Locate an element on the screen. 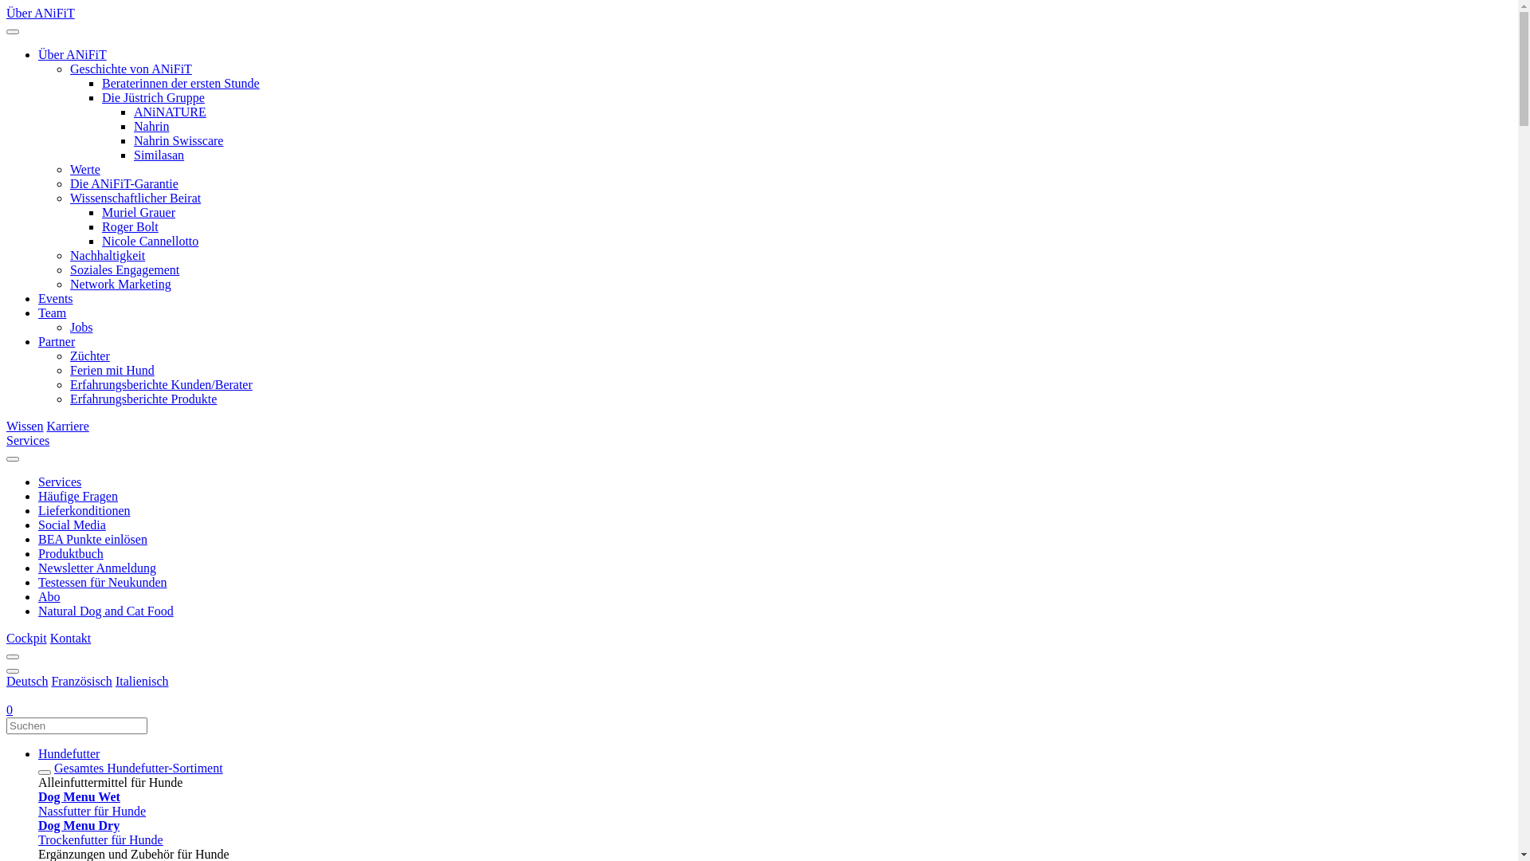 The height and width of the screenshot is (861, 1530). 'Erfahrungsberichte Kunden/Berater' is located at coordinates (161, 384).